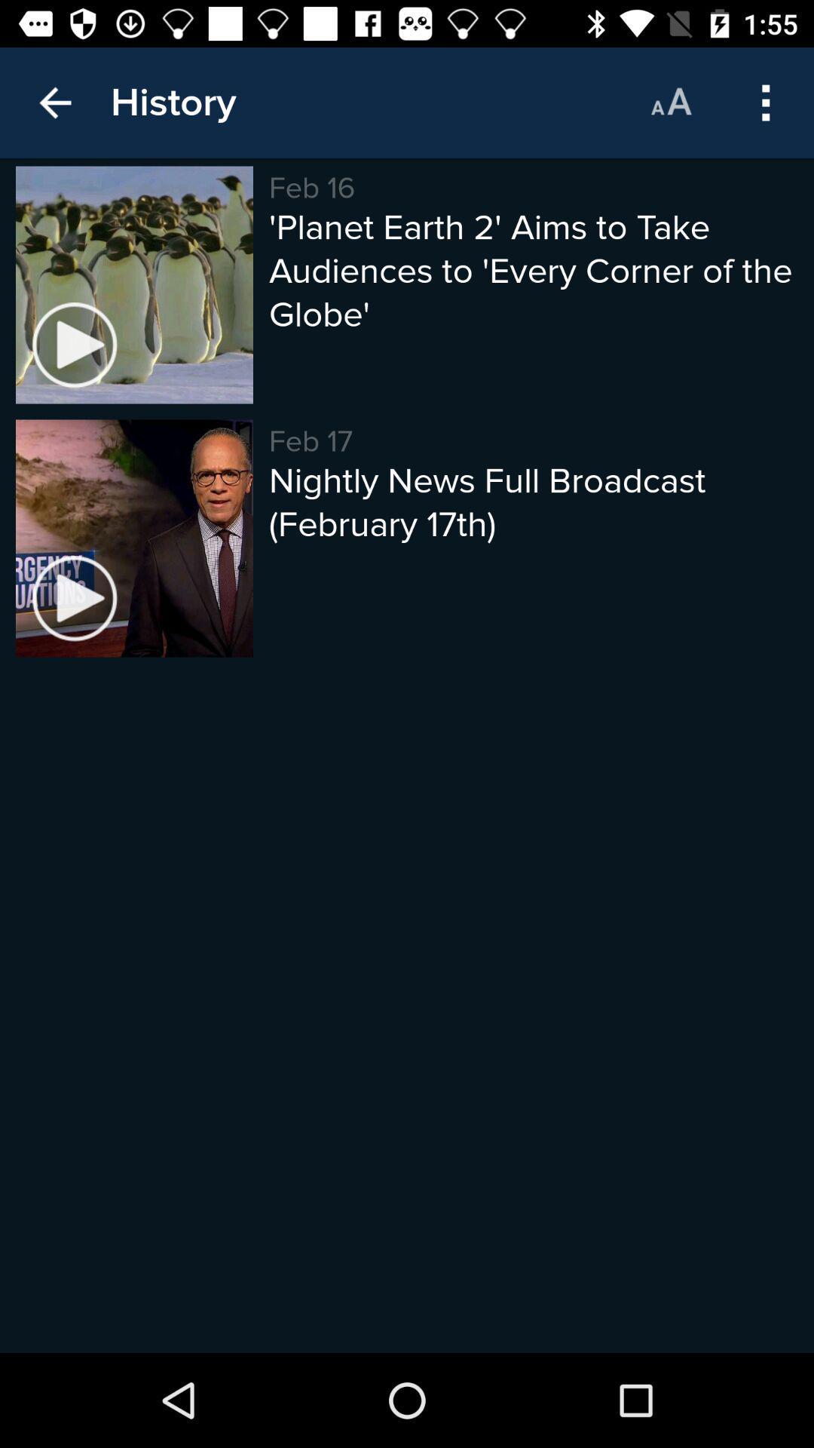 Image resolution: width=814 pixels, height=1448 pixels. I want to click on move to the icon which is right to the history, so click(670, 103).